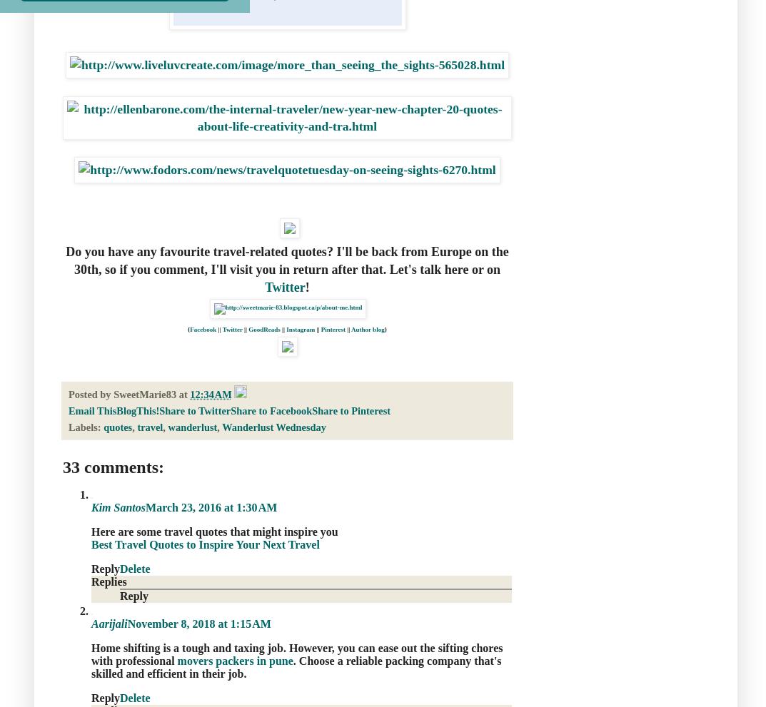 The width and height of the screenshot is (766, 707). What do you see at coordinates (90, 392) in the screenshot?
I see `'Posted by'` at bounding box center [90, 392].